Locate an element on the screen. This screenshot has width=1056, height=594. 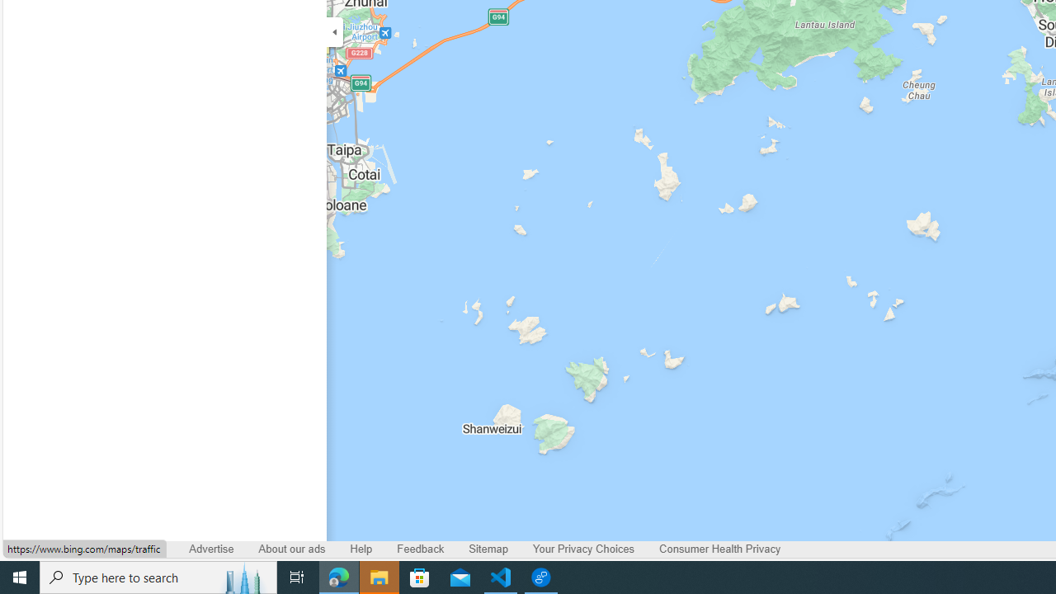
'About our ads' is located at coordinates (291, 549).